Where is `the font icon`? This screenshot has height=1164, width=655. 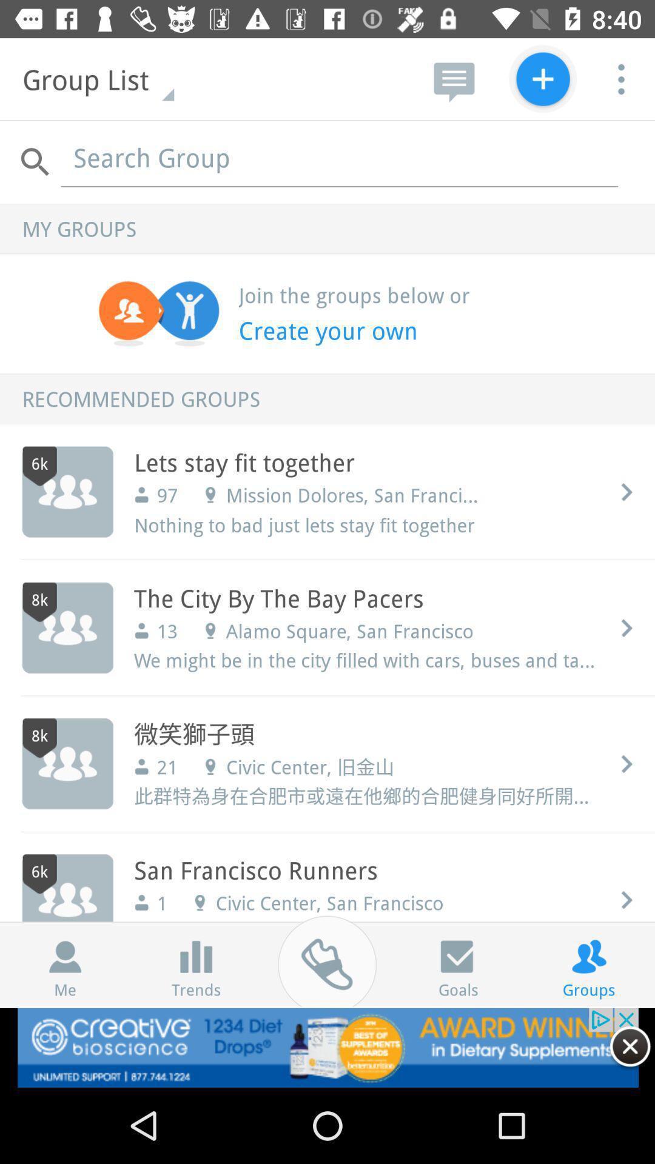 the font icon is located at coordinates (195, 956).